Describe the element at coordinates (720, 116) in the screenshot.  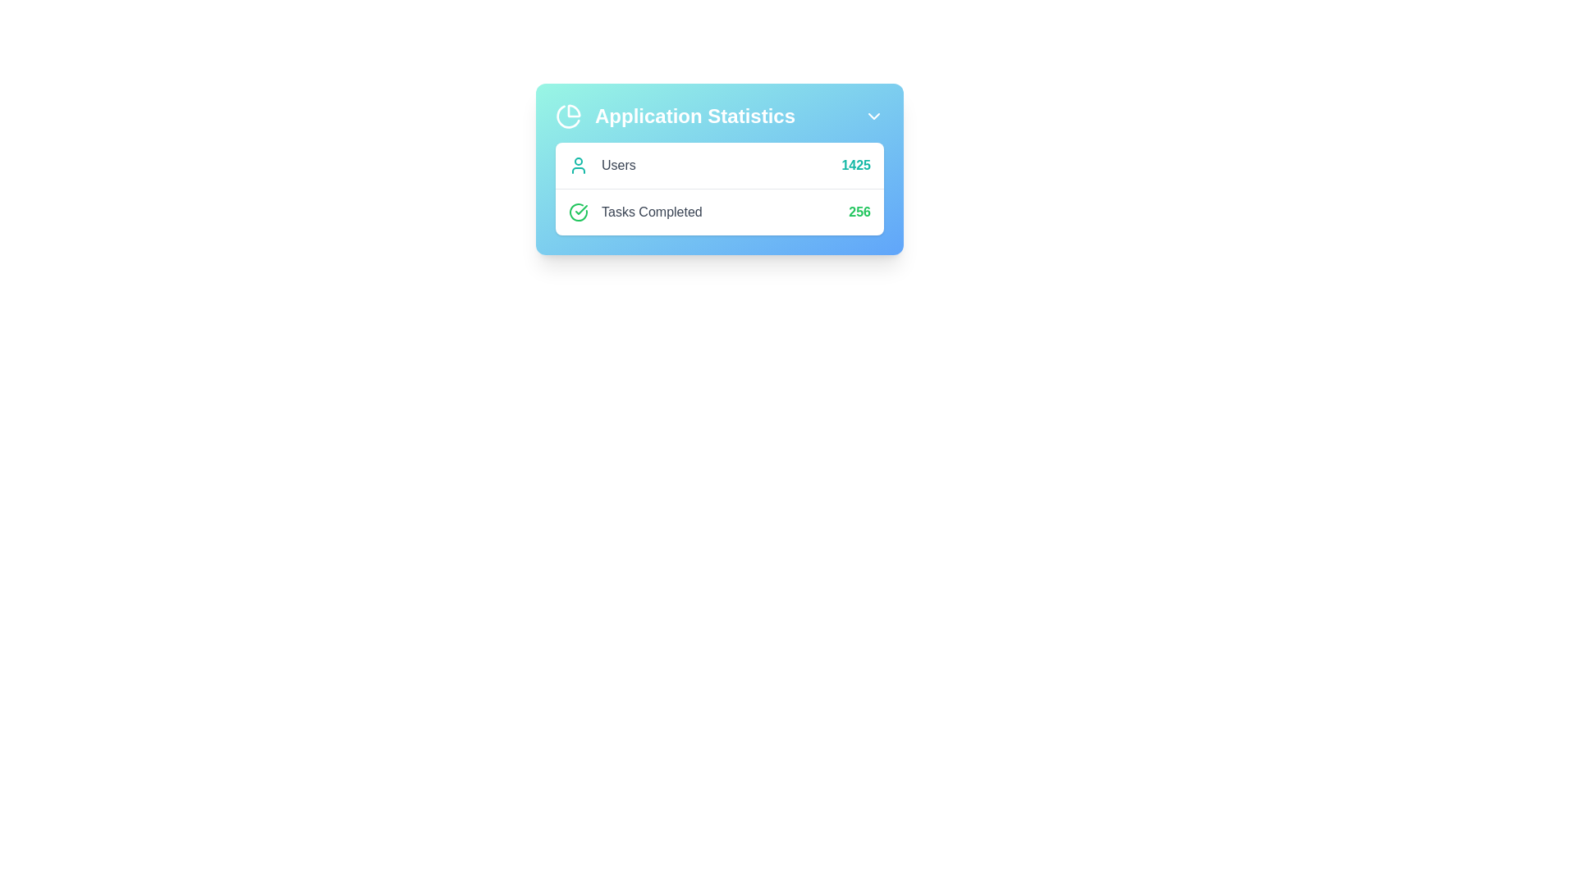
I see `the 'Application Statistics' header section which features a gradient background and includes a white pie chart icon on the left and a downward-pointing arrow icon on the right` at that location.